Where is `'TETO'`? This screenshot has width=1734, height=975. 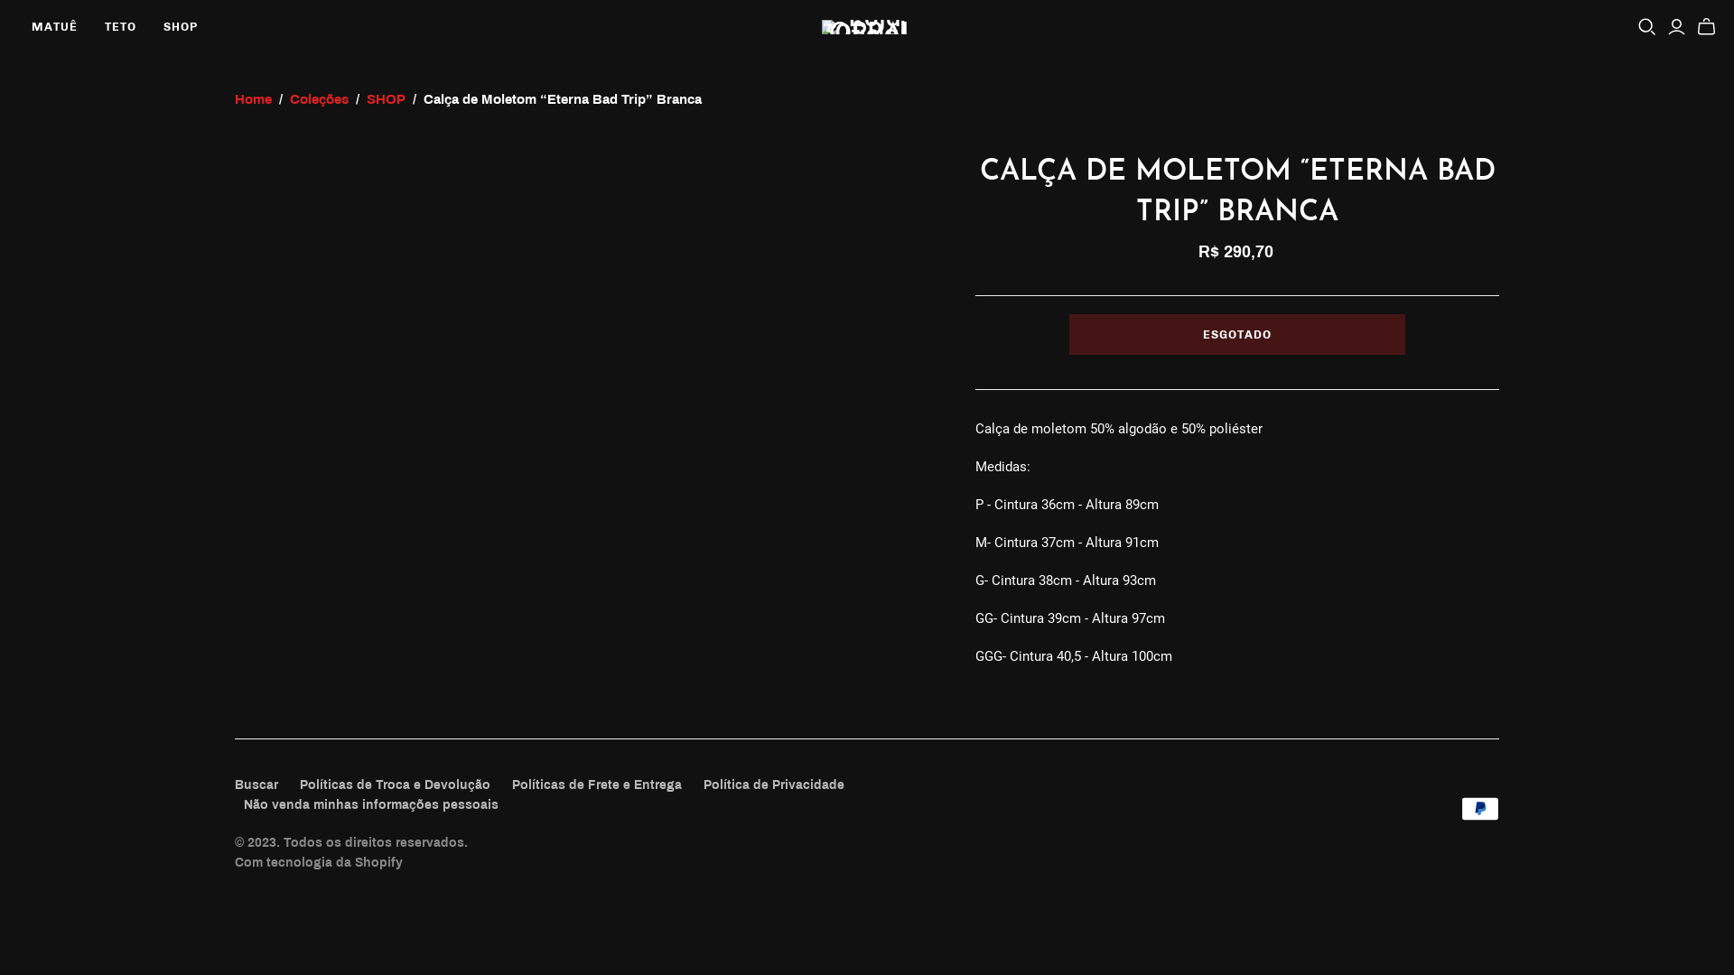
'TETO' is located at coordinates (119, 27).